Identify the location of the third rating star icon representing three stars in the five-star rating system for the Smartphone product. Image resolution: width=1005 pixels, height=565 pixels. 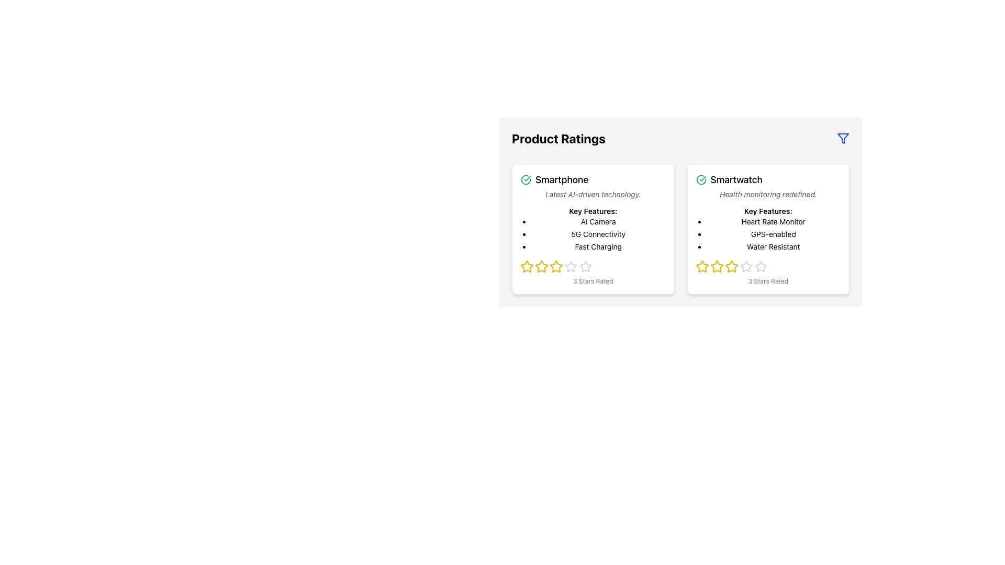
(555, 266).